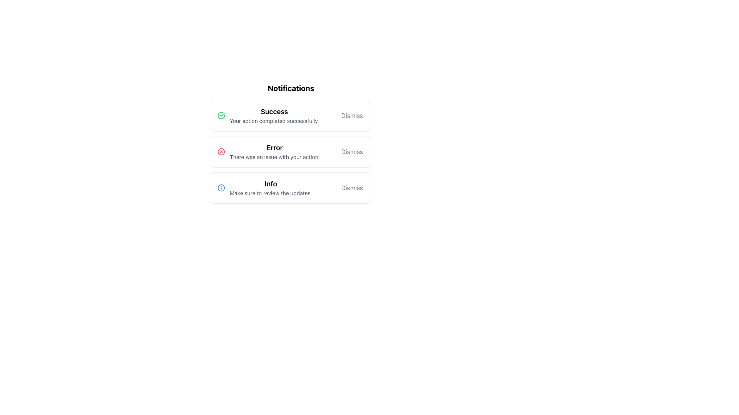  Describe the element at coordinates (271, 188) in the screenshot. I see `the Text display element that features a bold header "Info" and a smaller text "Make sure to review the updates."` at that location.